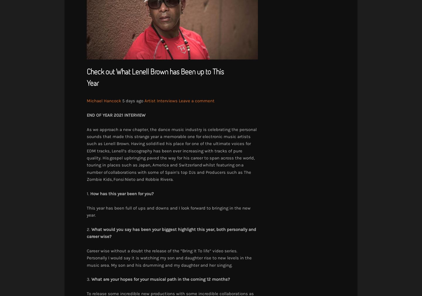  I want to click on 'What are your hopes for your musical path in the coming 12 months?', so click(91, 279).